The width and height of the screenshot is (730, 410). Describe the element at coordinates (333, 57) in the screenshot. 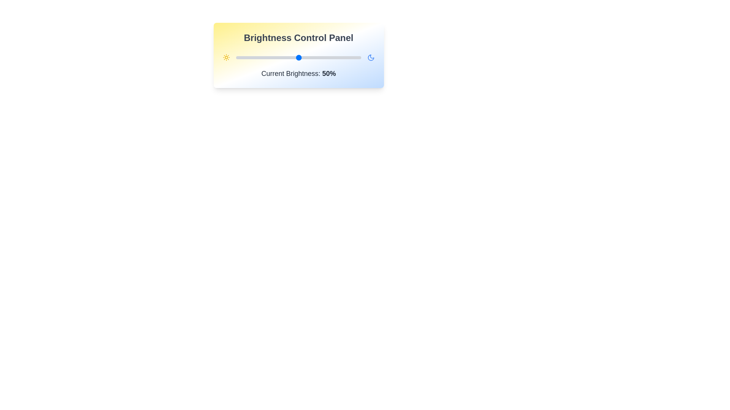

I see `the brightness` at that location.